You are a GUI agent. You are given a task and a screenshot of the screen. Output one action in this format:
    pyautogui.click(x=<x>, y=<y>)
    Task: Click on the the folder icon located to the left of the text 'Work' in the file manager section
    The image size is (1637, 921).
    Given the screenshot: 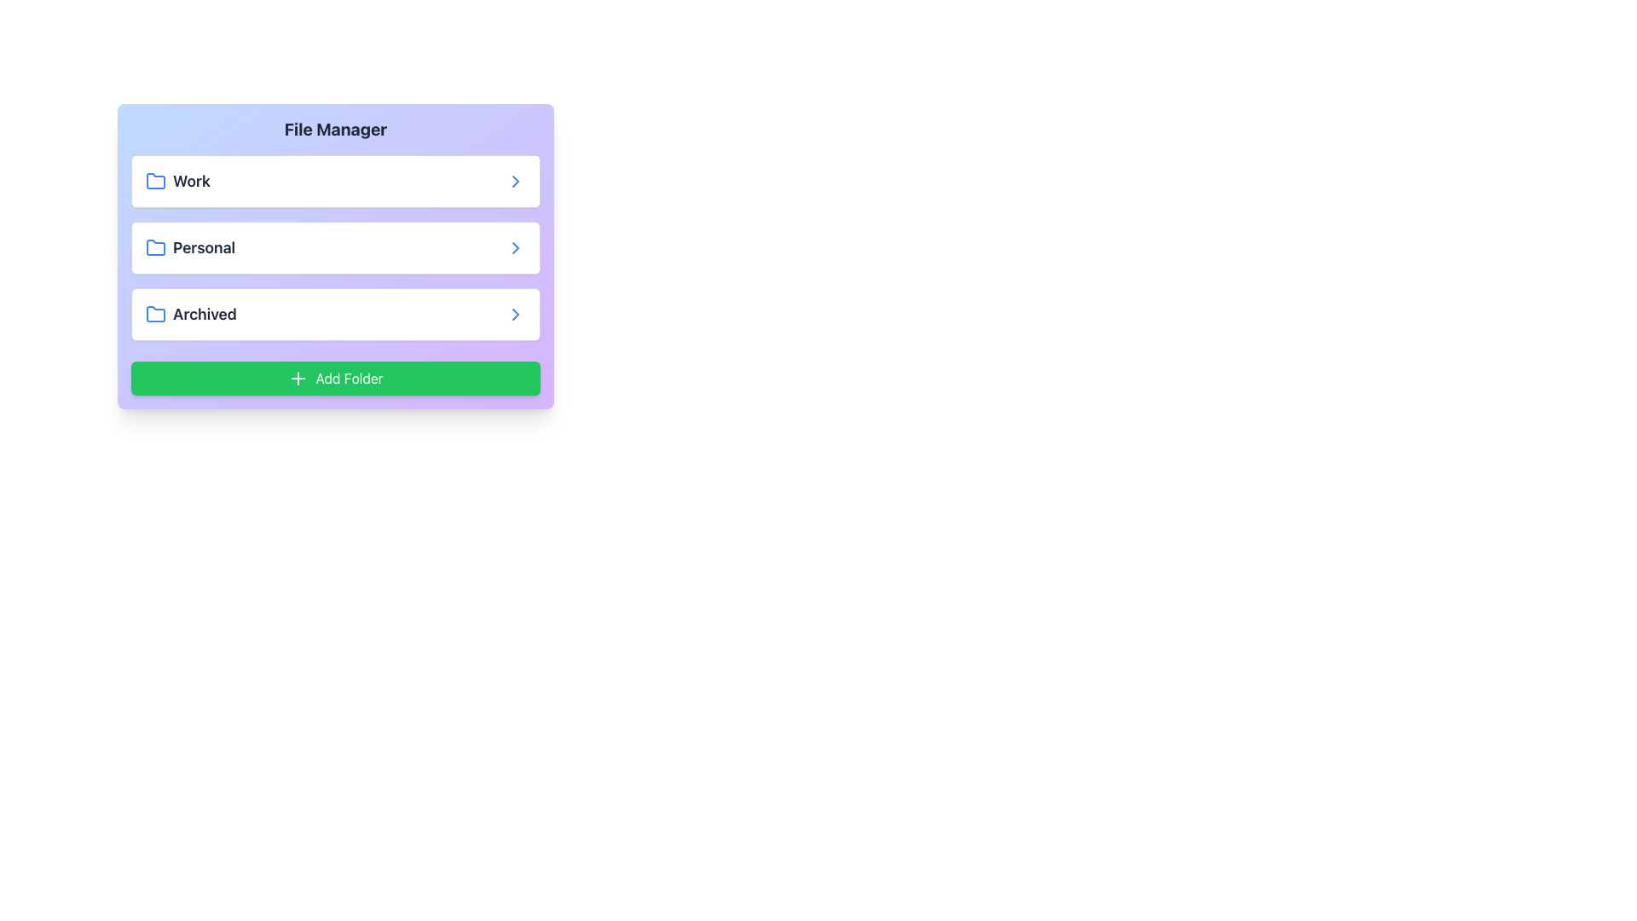 What is the action you would take?
    pyautogui.click(x=155, y=181)
    